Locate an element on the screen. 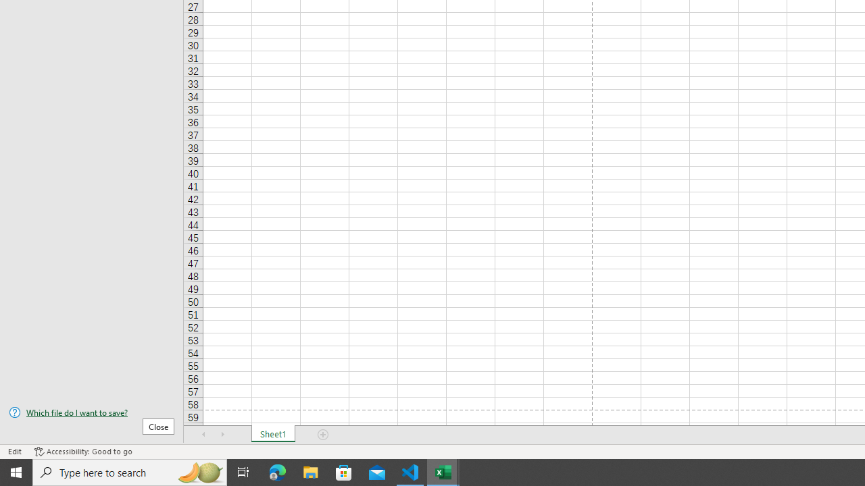  'Add Sheet' is located at coordinates (322, 435).